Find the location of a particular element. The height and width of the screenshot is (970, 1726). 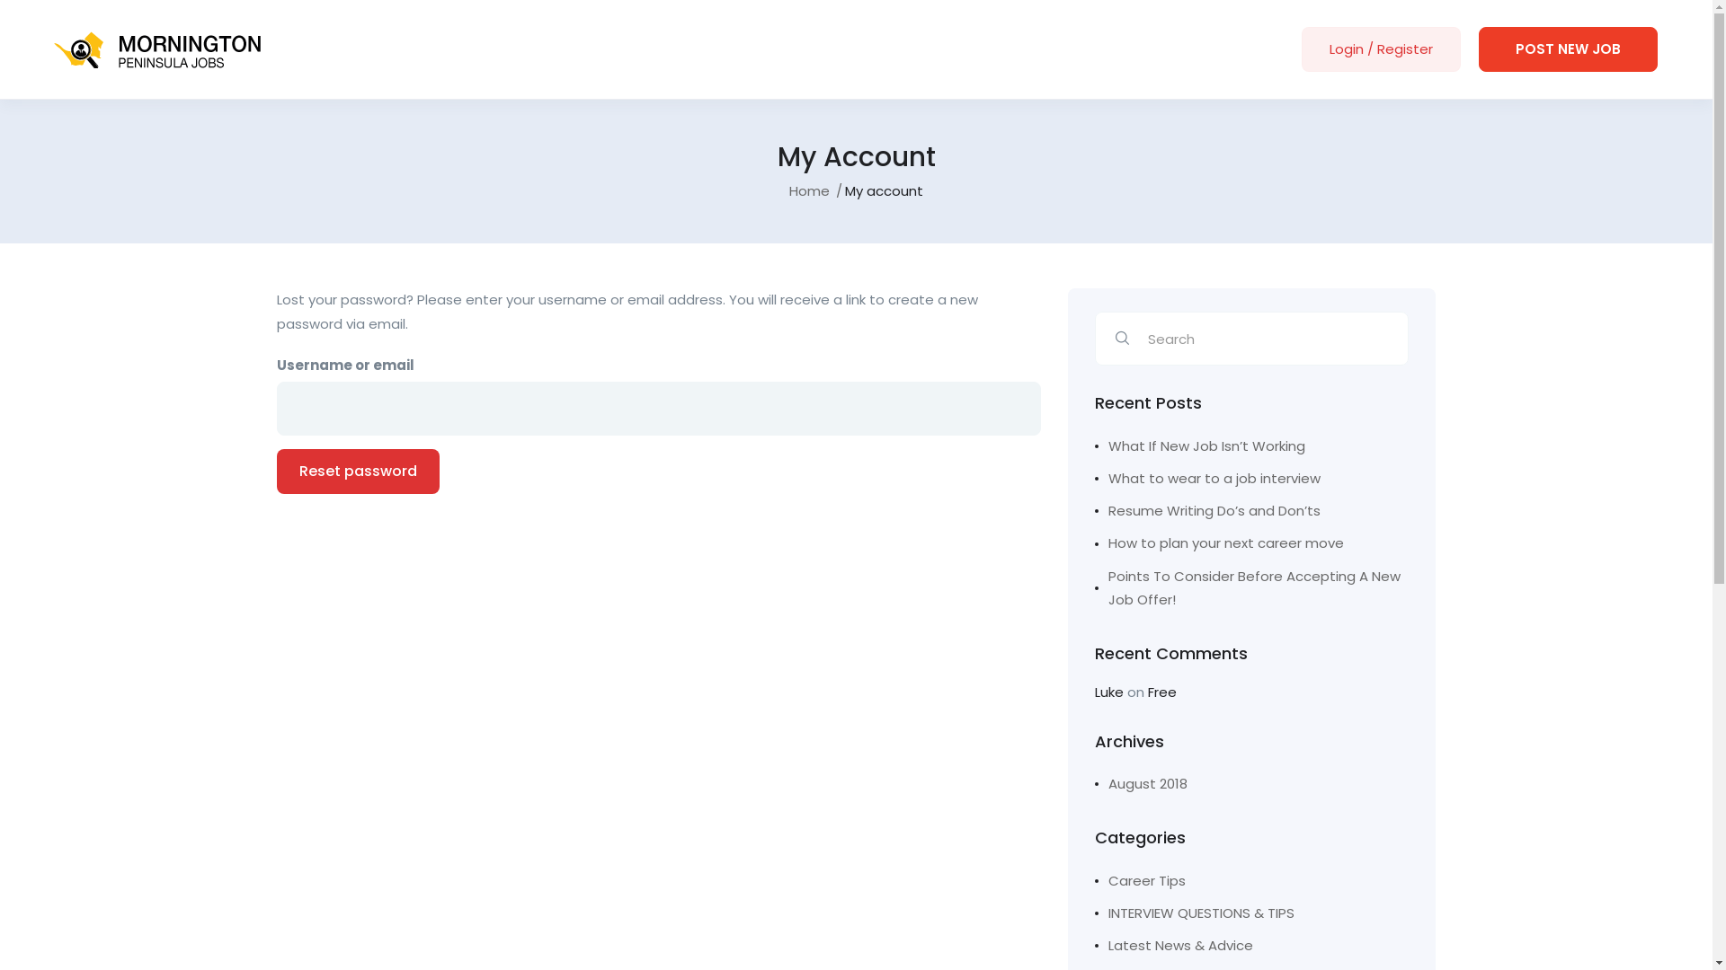

'How to plan your next career move' is located at coordinates (1250, 542).